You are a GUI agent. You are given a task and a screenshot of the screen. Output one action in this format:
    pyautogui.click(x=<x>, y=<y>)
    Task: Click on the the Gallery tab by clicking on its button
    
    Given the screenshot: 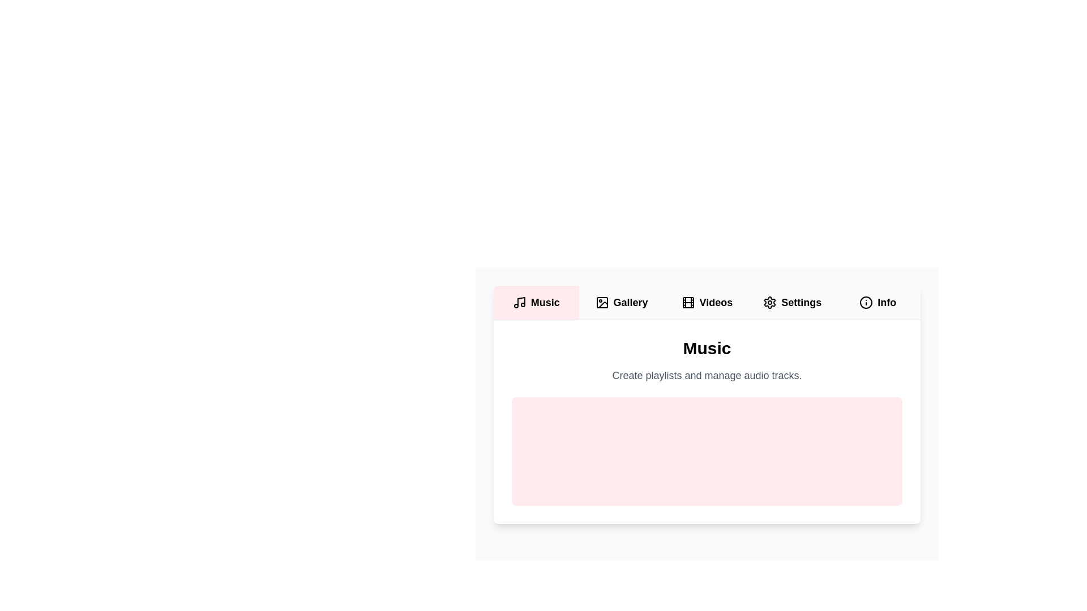 What is the action you would take?
    pyautogui.click(x=621, y=302)
    